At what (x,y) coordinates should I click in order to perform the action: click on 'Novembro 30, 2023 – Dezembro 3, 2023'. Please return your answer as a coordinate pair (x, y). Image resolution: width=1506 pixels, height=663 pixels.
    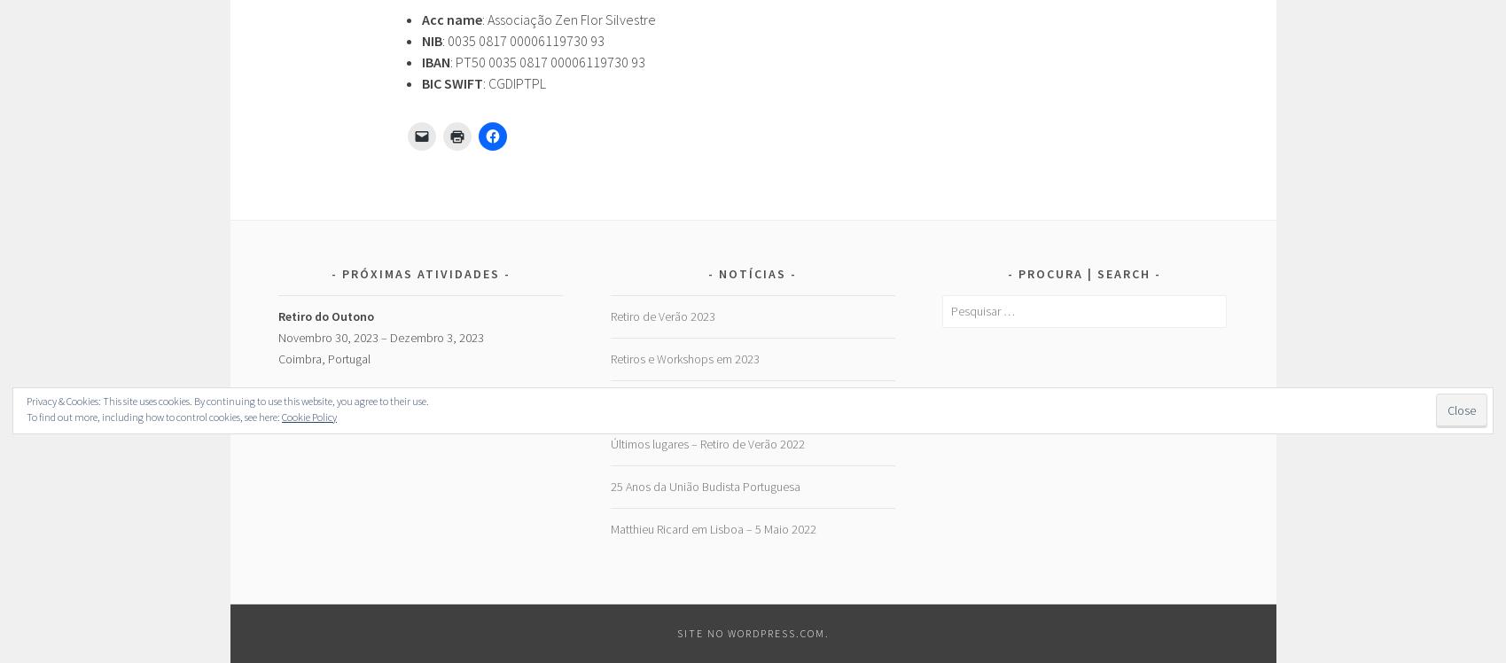
    Looking at the image, I should click on (381, 336).